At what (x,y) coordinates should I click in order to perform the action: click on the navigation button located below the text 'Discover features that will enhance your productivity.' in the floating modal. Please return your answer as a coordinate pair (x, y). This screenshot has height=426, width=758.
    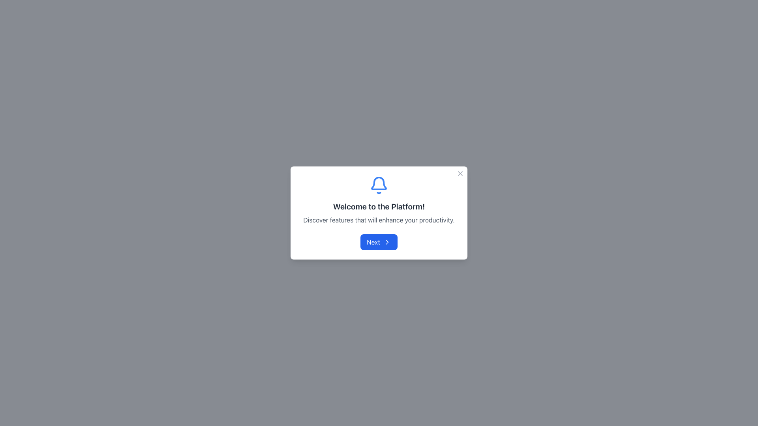
    Looking at the image, I should click on (379, 241).